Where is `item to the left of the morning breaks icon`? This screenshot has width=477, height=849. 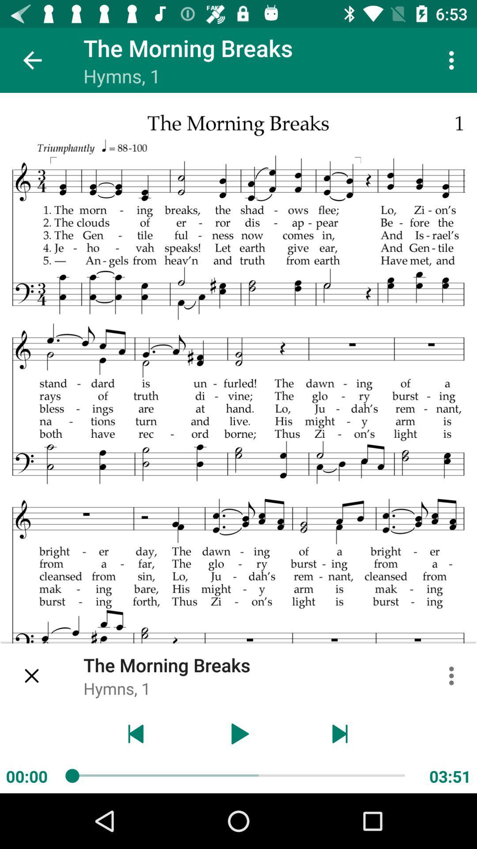
item to the left of the morning breaks icon is located at coordinates (32, 60).